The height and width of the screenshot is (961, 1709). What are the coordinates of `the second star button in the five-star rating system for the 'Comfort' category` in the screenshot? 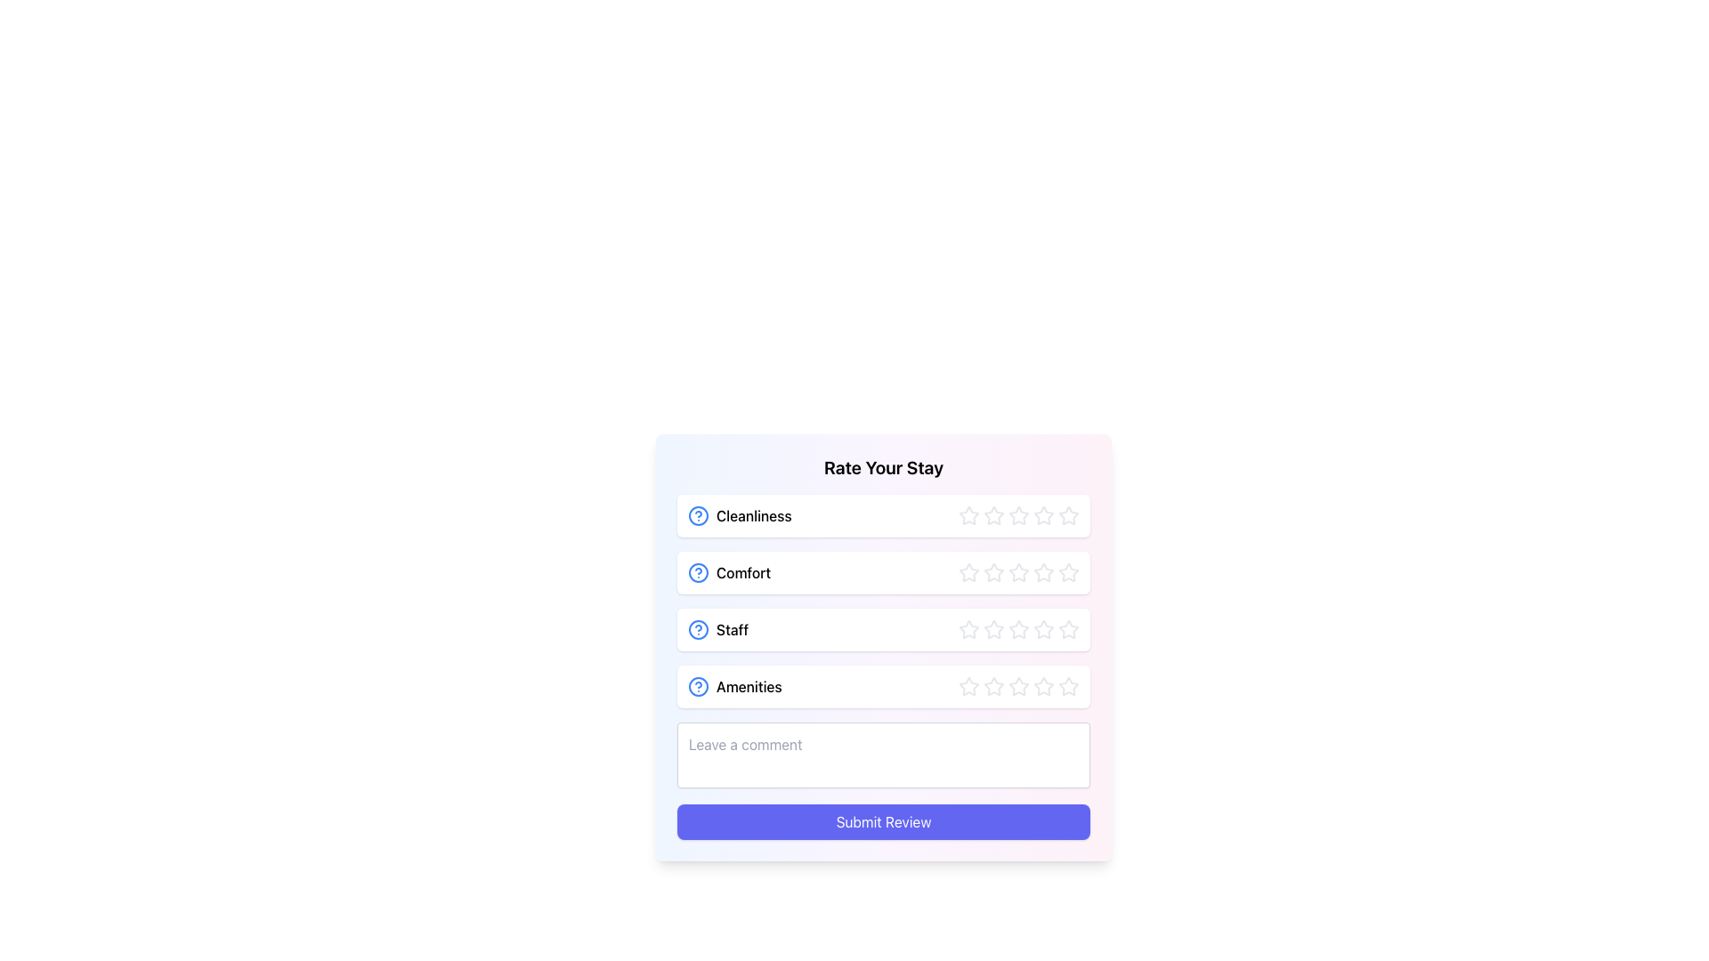 It's located at (968, 573).